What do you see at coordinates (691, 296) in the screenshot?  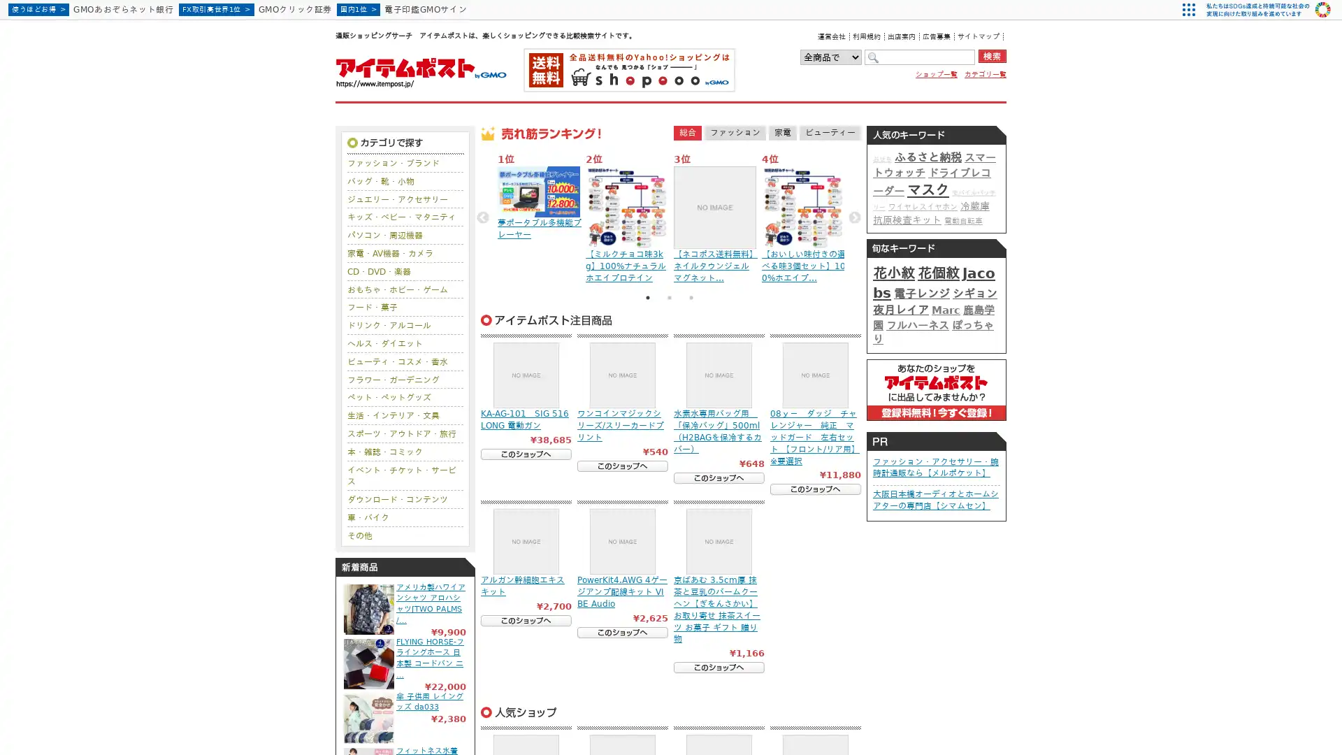 I see `3` at bounding box center [691, 296].